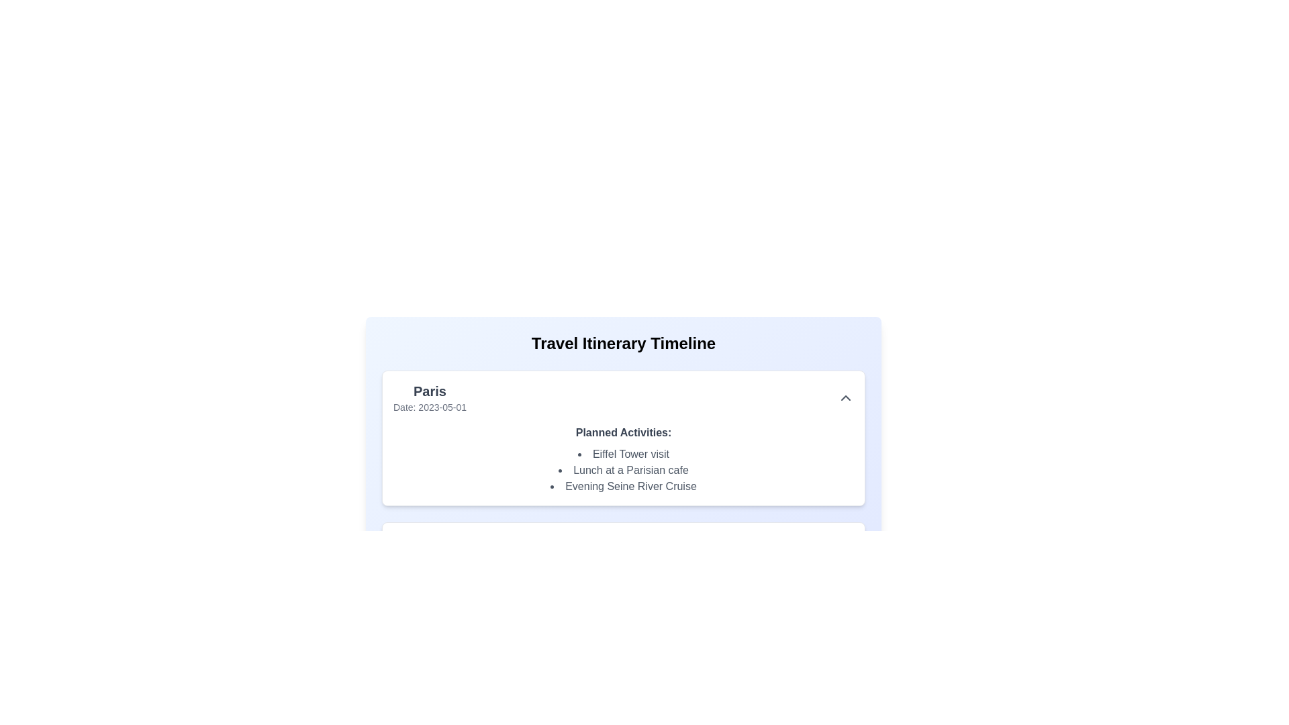 The width and height of the screenshot is (1289, 725). What do you see at coordinates (623, 454) in the screenshot?
I see `the text item displaying 'Eiffel Tower visit' in the bullet-point list under the 'Planned Activities' section` at bounding box center [623, 454].